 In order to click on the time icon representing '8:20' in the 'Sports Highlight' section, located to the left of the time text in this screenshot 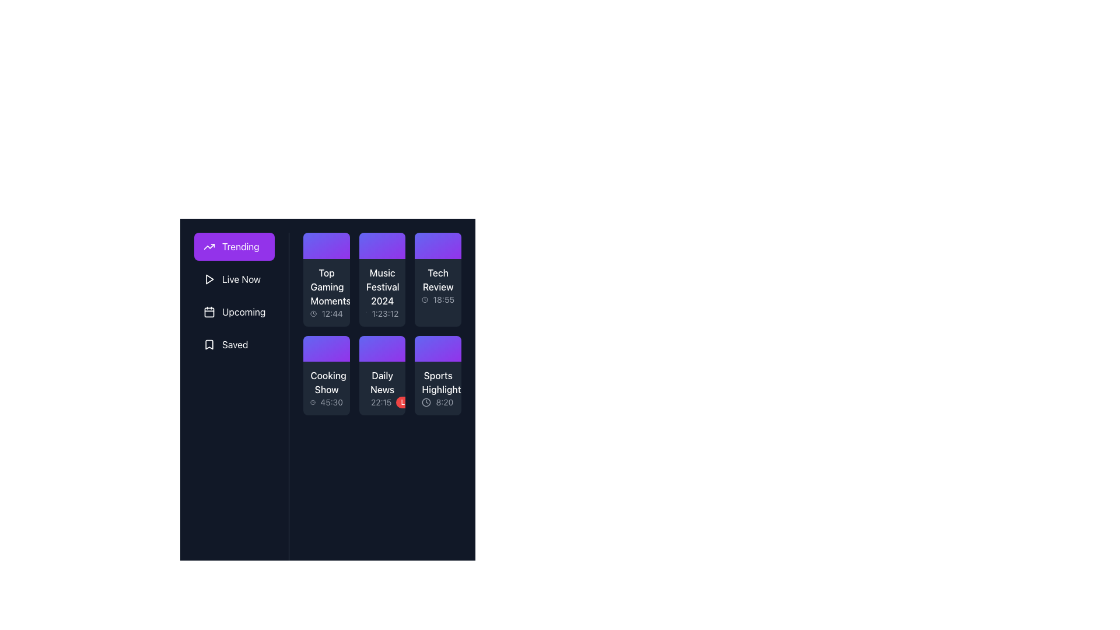, I will do `click(426, 402)`.